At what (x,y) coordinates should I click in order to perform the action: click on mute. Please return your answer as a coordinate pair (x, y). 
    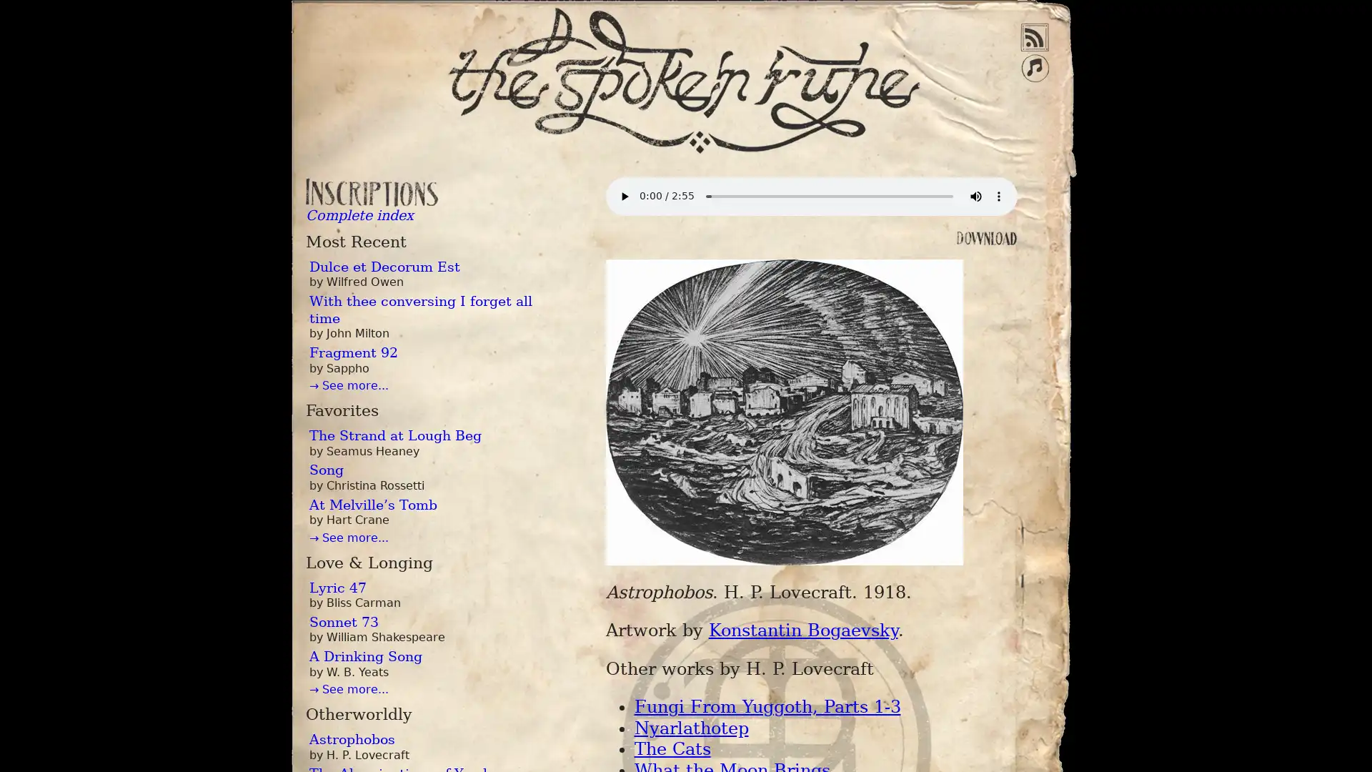
    Looking at the image, I should click on (974, 196).